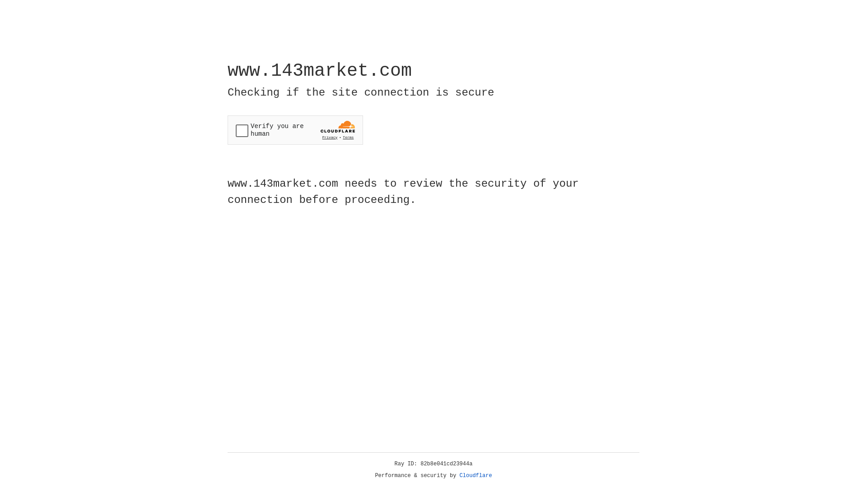  I want to click on 'Cloudflare', so click(475, 475).